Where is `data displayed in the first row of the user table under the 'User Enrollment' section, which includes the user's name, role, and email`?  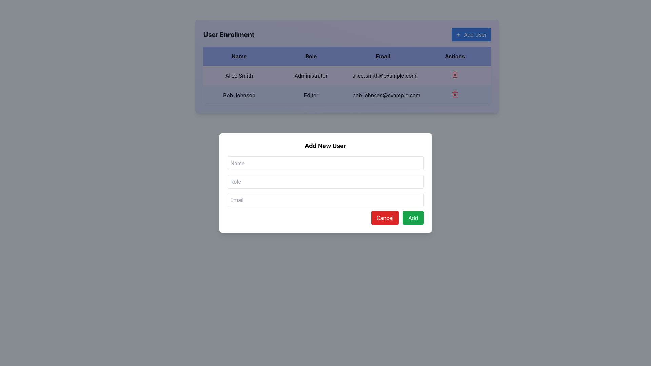
data displayed in the first row of the user table under the 'User Enrollment' section, which includes the user's name, role, and email is located at coordinates (347, 76).